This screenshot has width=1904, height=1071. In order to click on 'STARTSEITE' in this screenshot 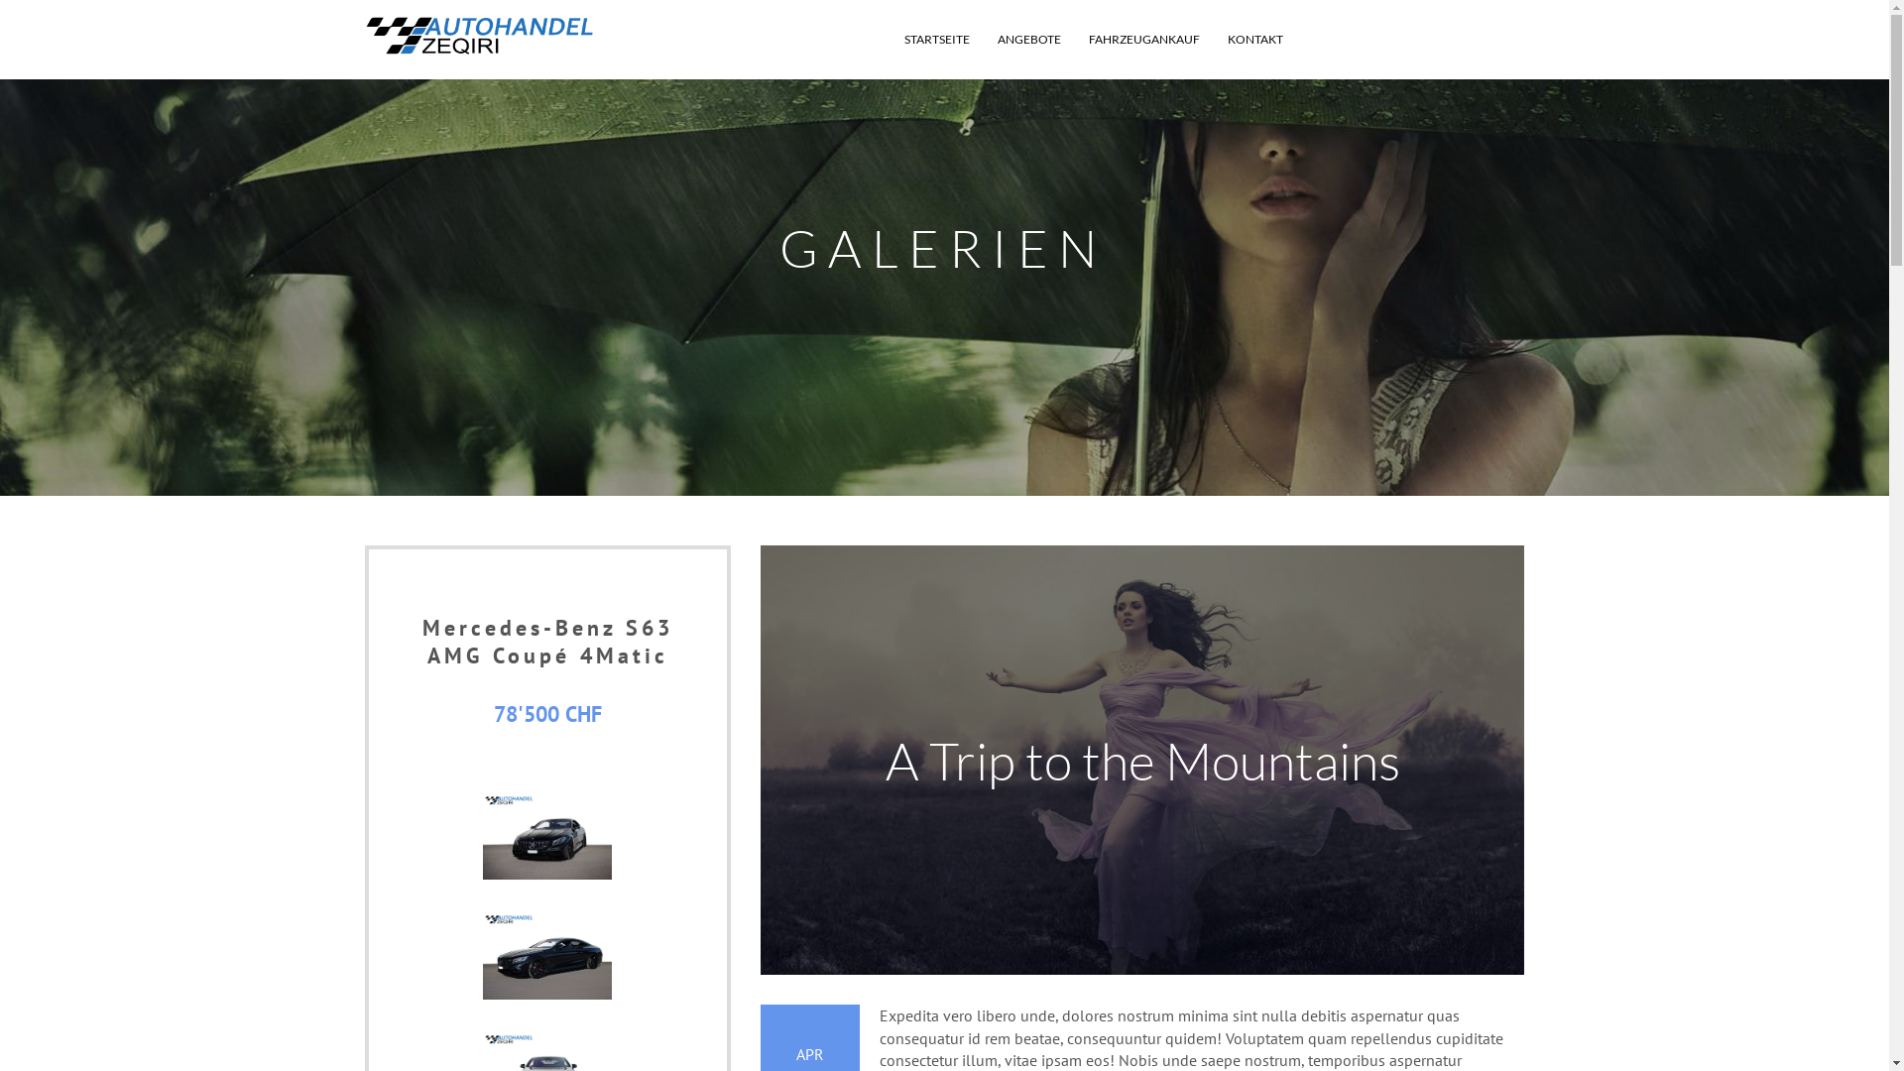, I will do `click(936, 39)`.